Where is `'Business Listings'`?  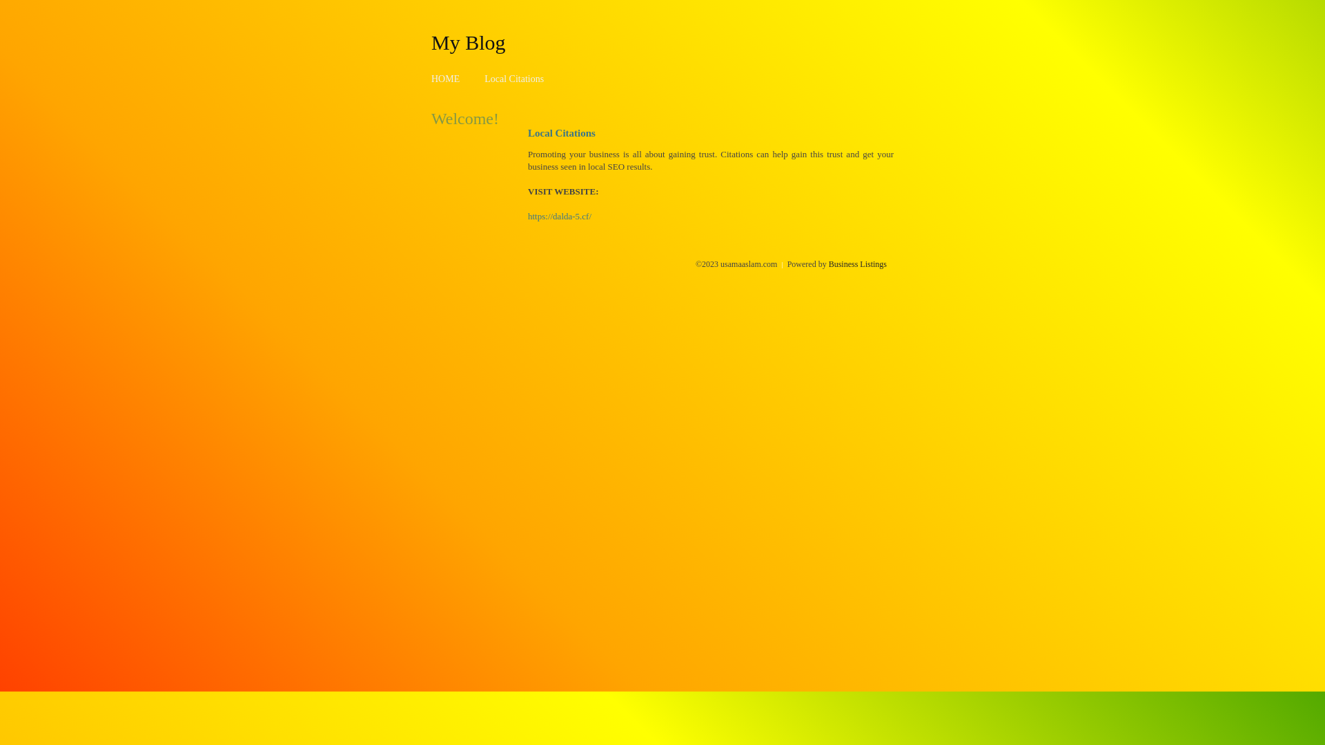
'Business Listings' is located at coordinates (857, 264).